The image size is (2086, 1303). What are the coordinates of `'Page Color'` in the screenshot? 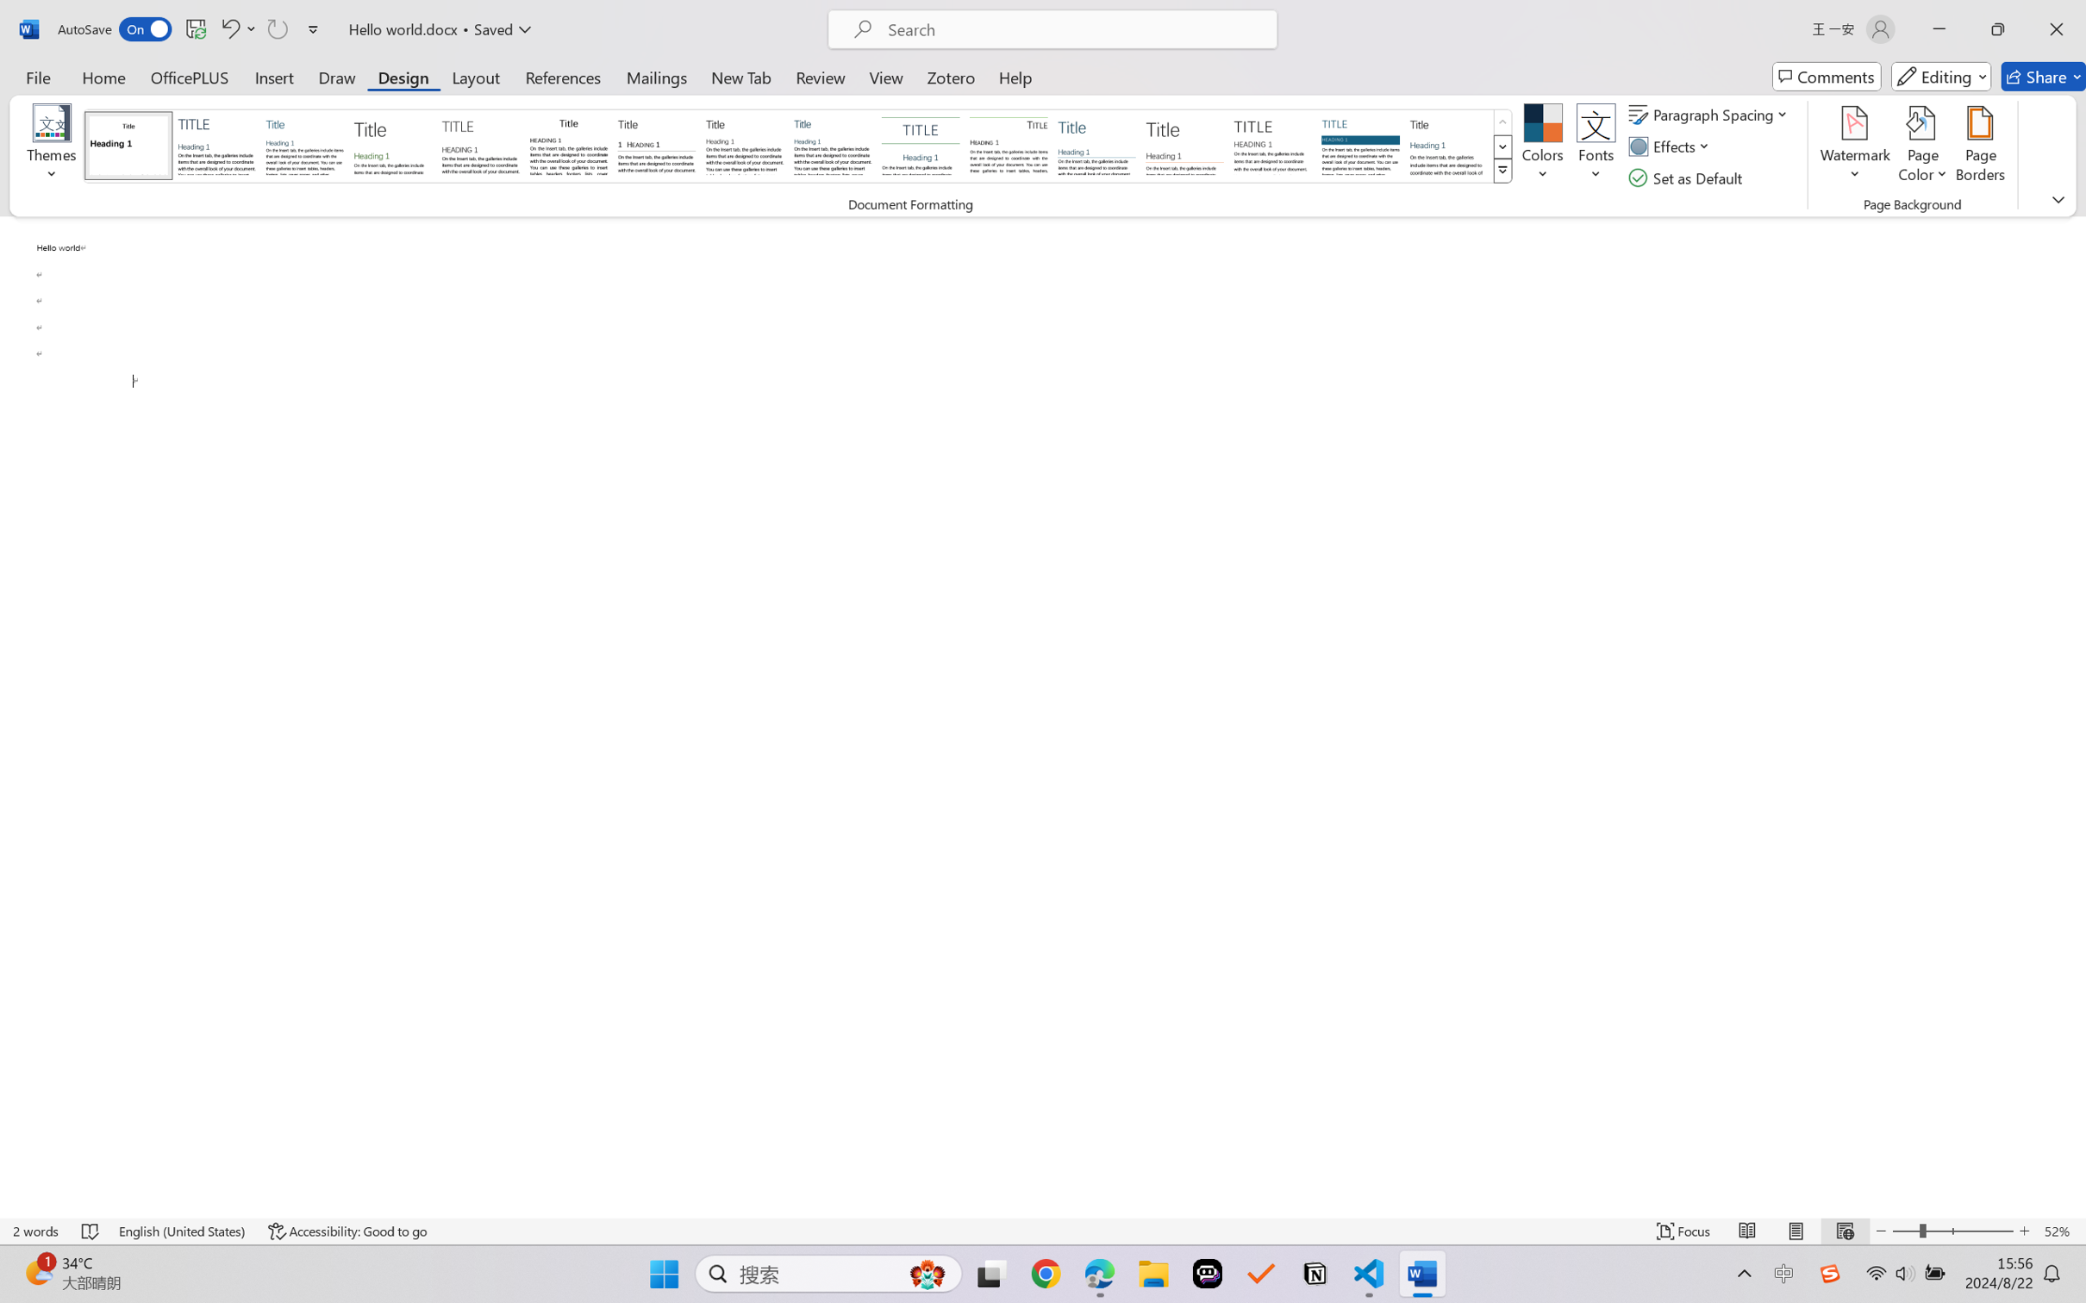 It's located at (1922, 147).